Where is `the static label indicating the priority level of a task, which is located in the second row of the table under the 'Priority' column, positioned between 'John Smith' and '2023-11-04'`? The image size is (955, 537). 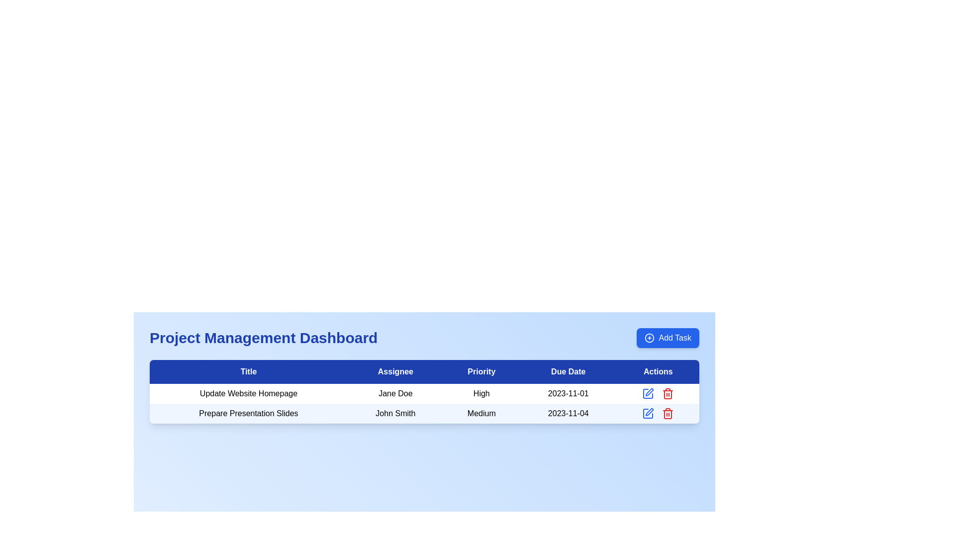
the static label indicating the priority level of a task, which is located in the second row of the table under the 'Priority' column, positioned between 'John Smith' and '2023-11-04' is located at coordinates (481, 414).